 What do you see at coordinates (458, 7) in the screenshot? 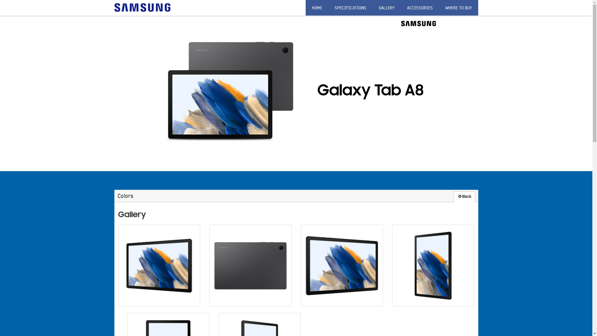
I see `'WHERE TO BUY'` at bounding box center [458, 7].